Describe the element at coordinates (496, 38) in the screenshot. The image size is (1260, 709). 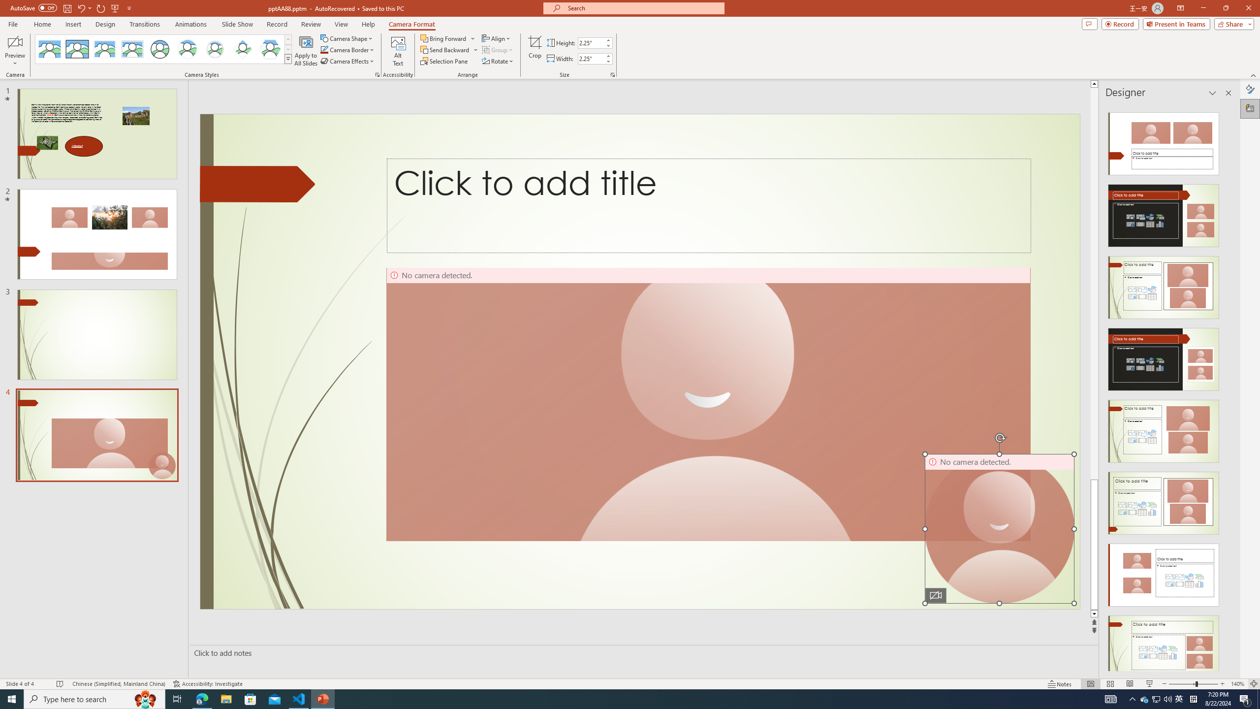
I see `'Align'` at that location.